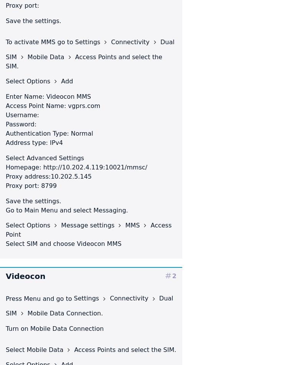 The height and width of the screenshot is (365, 307). I want to click on 'Turn on', so click(18, 328).